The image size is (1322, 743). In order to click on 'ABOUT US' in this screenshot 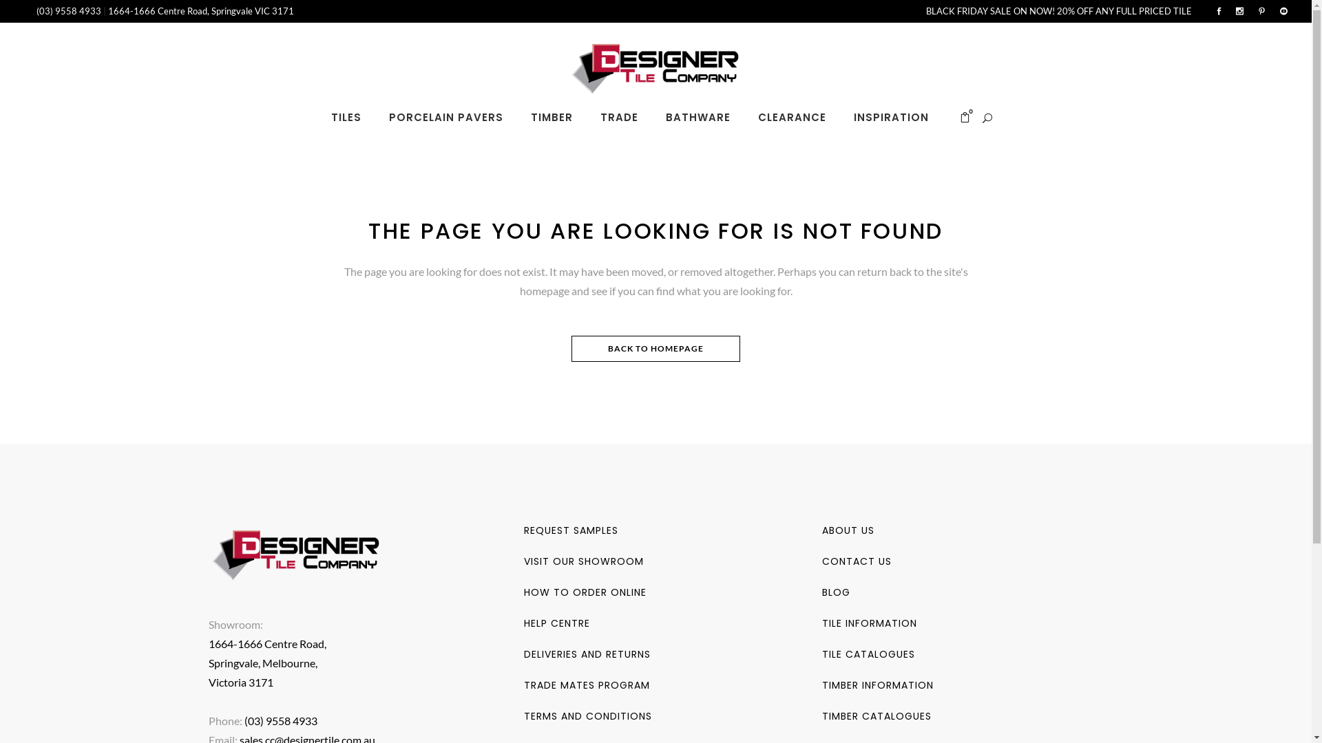, I will do `click(822, 530)`.